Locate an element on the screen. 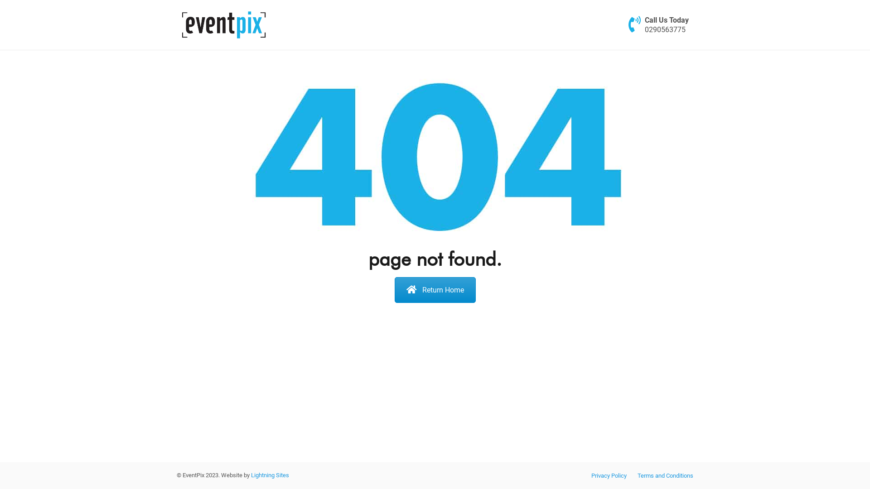 The width and height of the screenshot is (870, 489). 'Terms and Conditions' is located at coordinates (665, 475).